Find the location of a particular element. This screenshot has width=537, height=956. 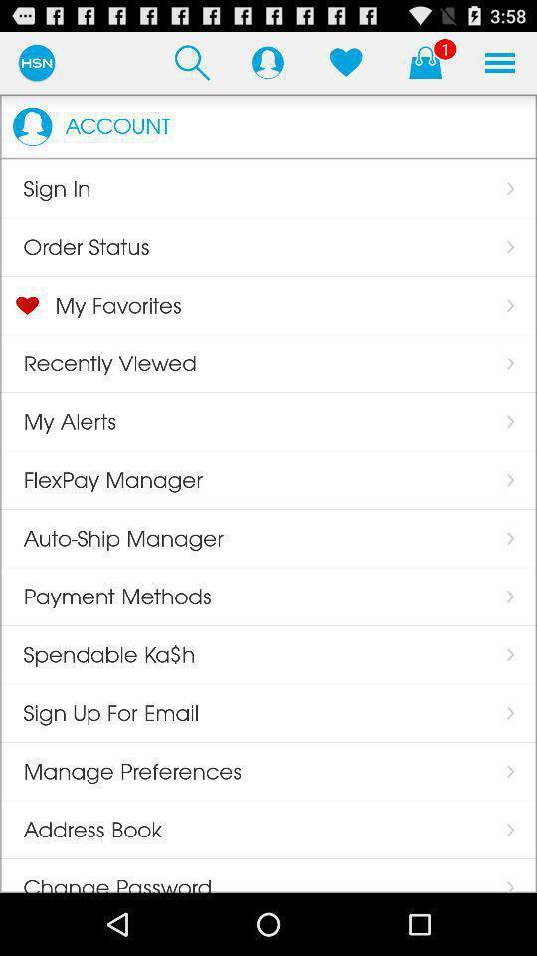

item above the change password icon is located at coordinates (80, 830).